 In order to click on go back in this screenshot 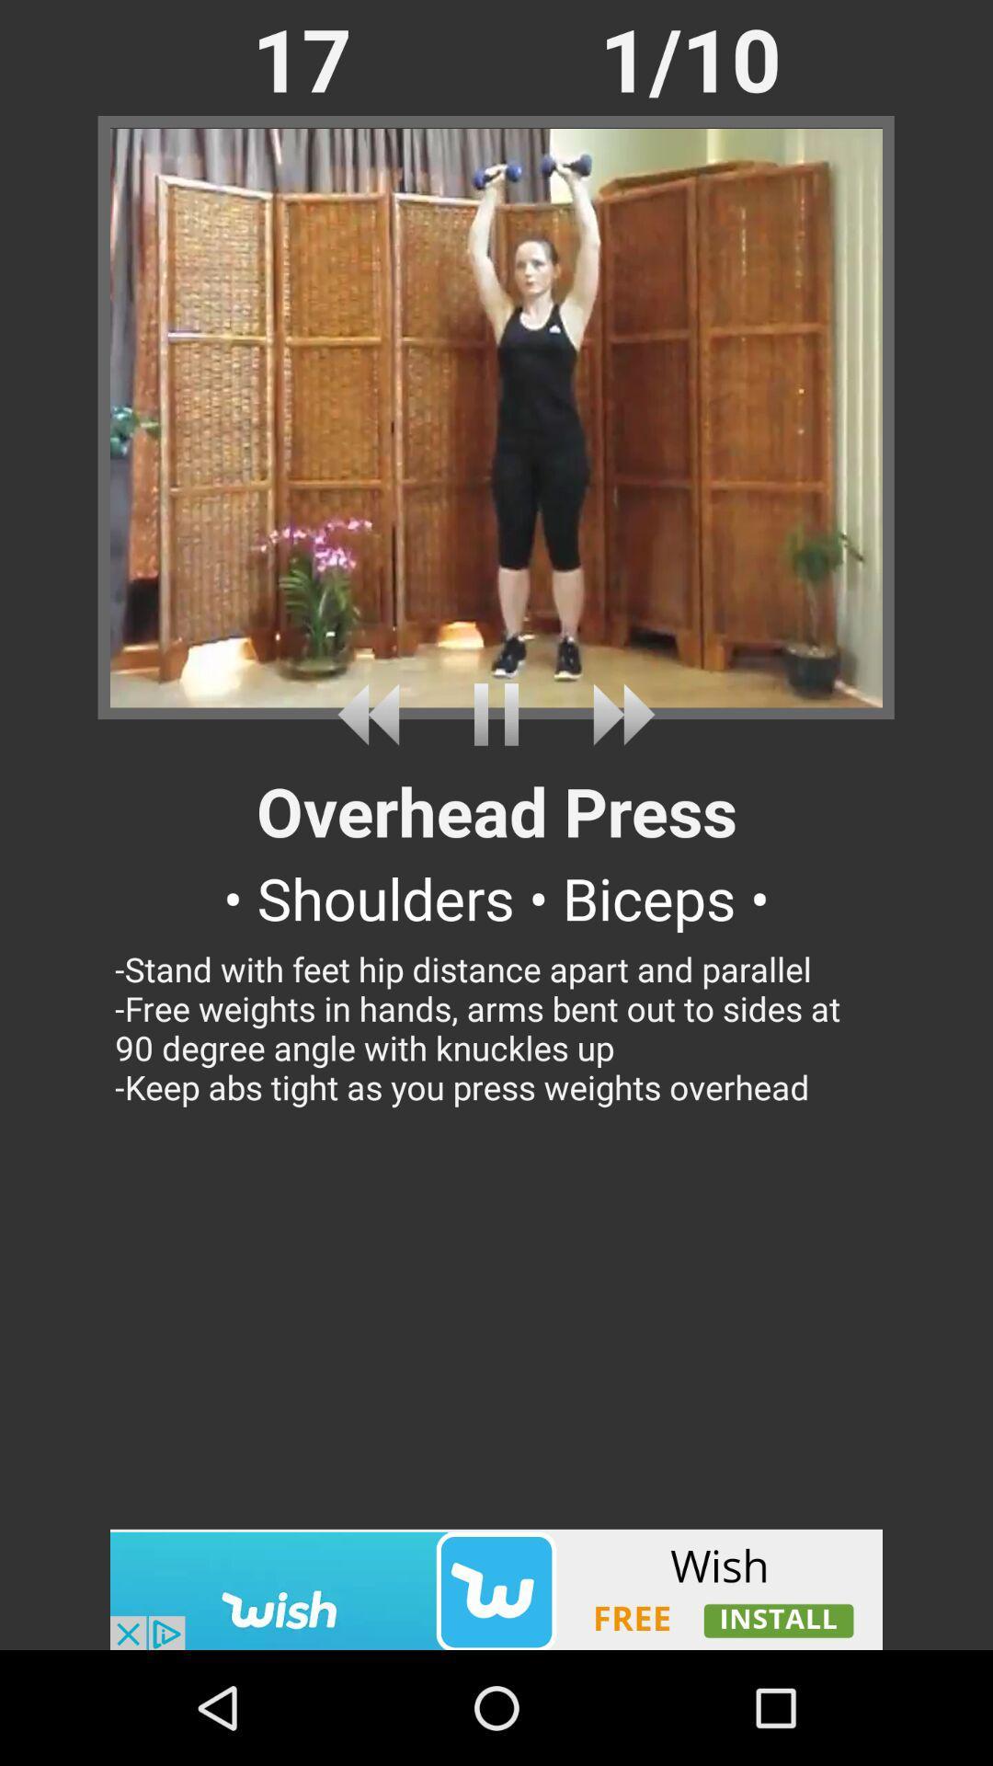, I will do `click(374, 714)`.